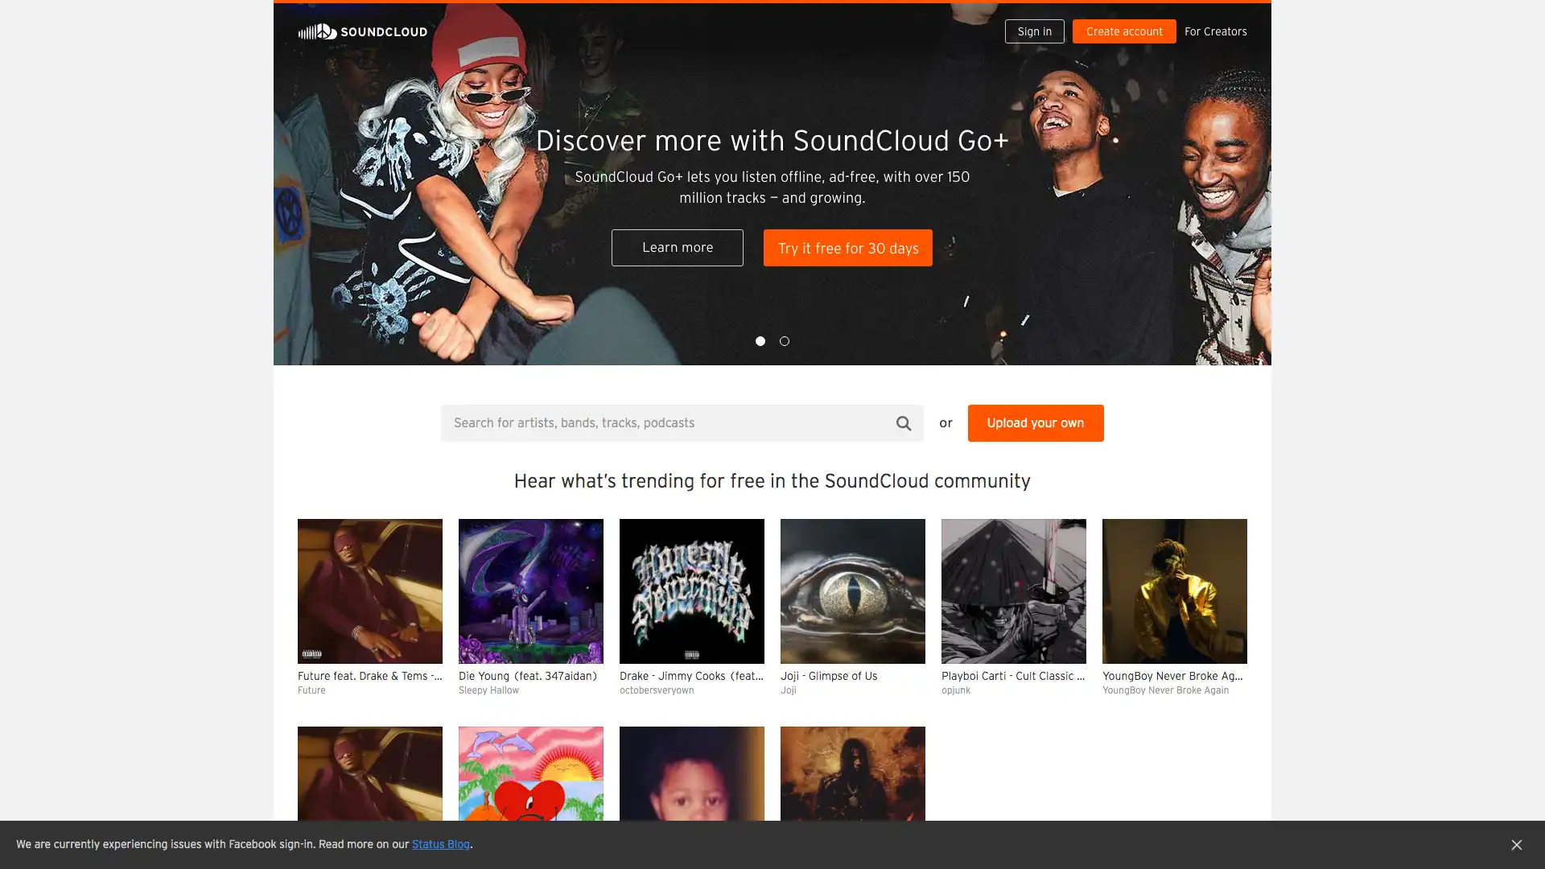  I want to click on Sign in, so click(1038, 18).